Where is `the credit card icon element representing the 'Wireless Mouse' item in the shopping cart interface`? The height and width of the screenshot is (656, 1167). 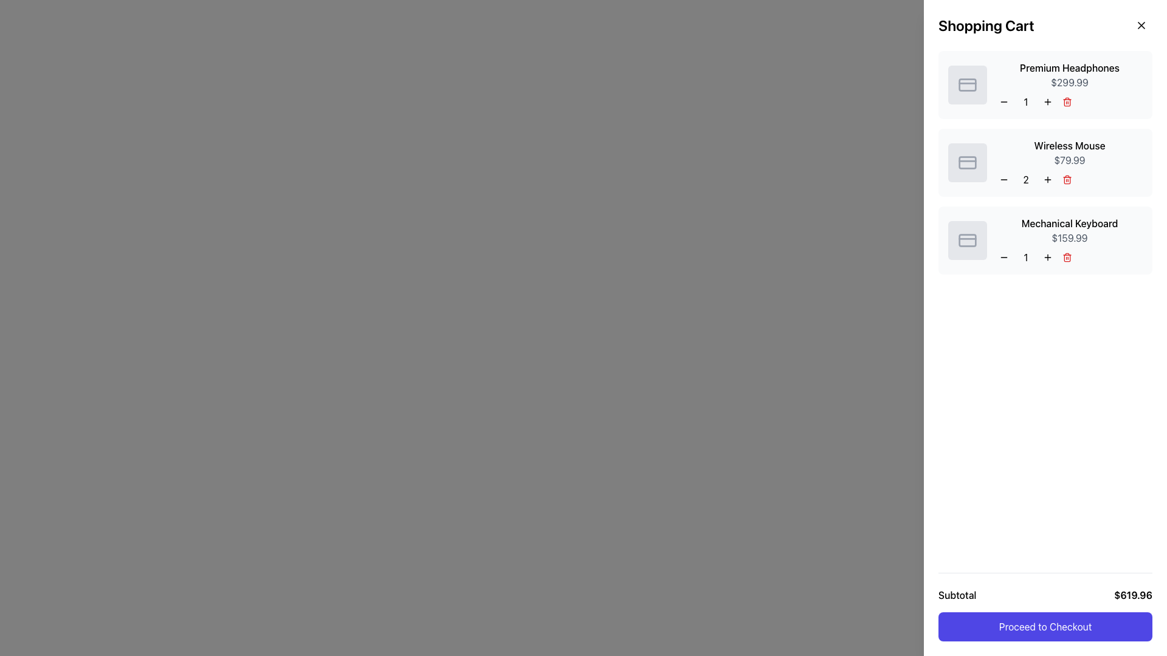
the credit card icon element representing the 'Wireless Mouse' item in the shopping cart interface is located at coordinates (967, 162).